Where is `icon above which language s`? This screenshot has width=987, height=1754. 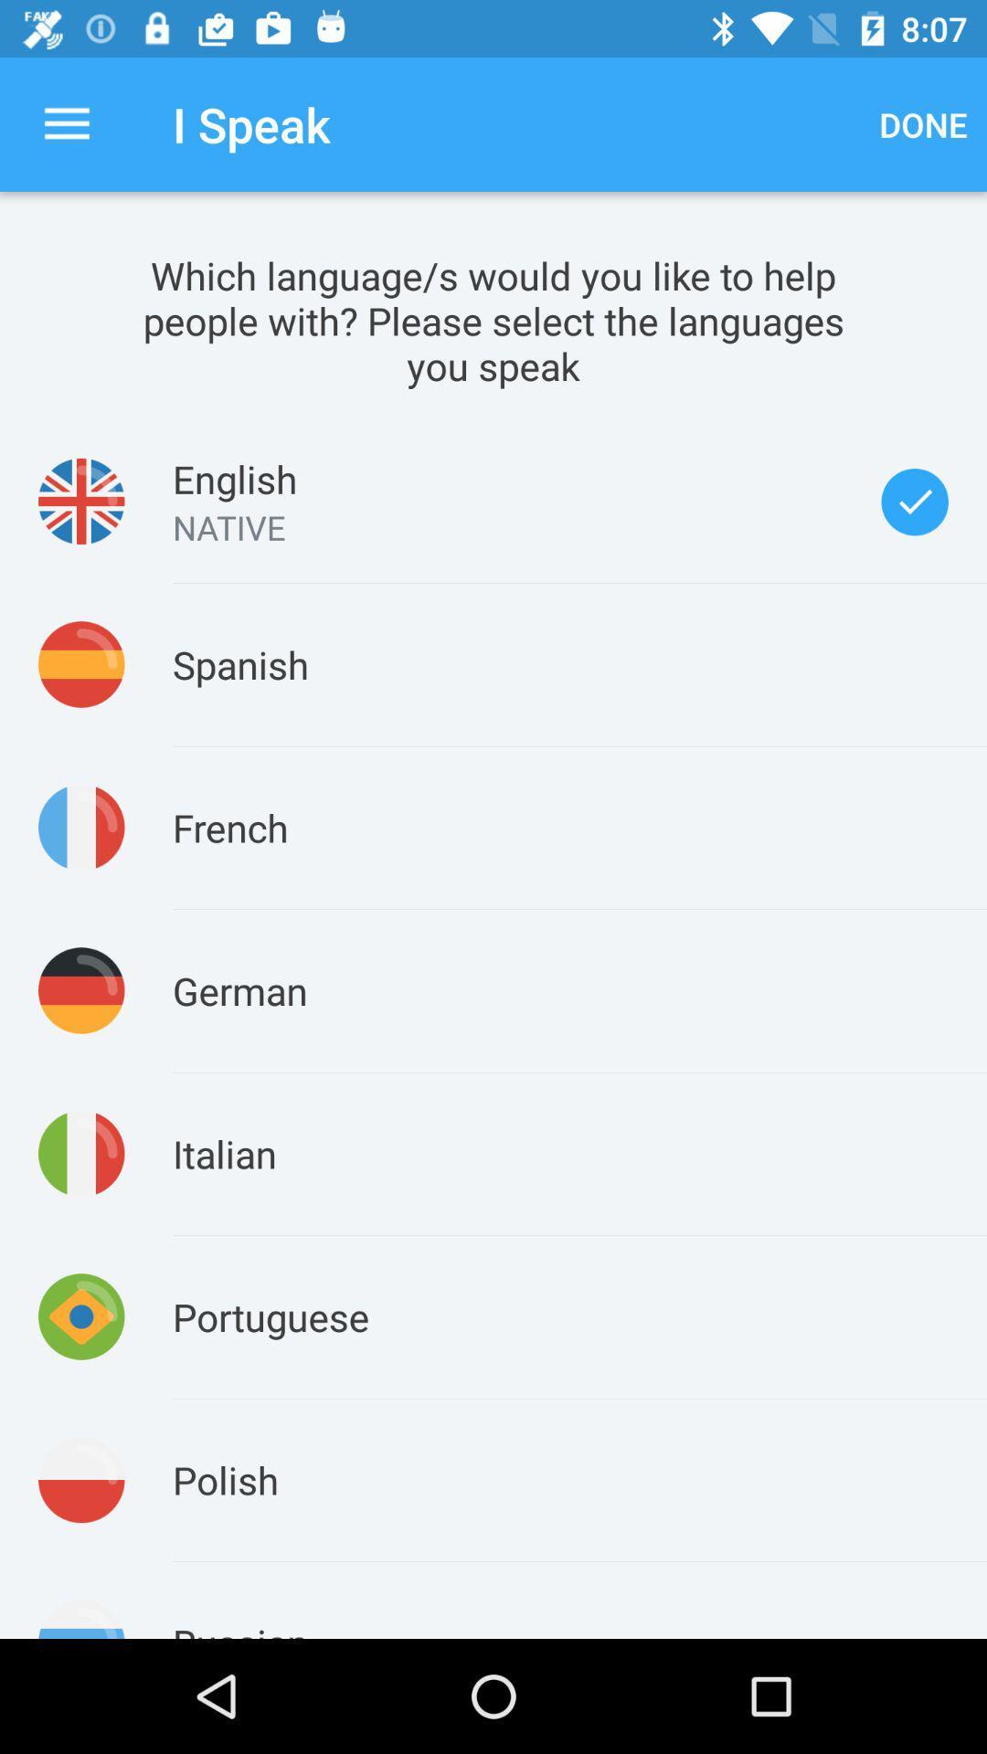
icon above which language s is located at coordinates (66, 123).